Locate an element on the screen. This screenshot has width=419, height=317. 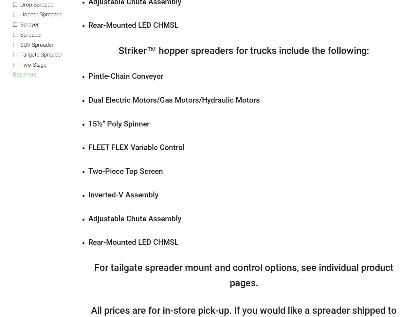
'SUV Spreader' is located at coordinates (37, 44).